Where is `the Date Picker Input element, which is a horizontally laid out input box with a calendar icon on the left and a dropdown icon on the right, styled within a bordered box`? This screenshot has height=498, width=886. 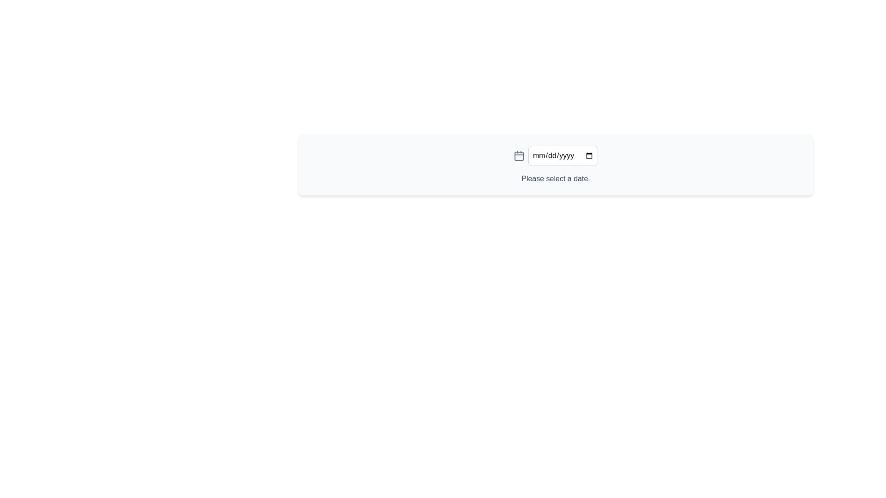
the Date Picker Input element, which is a horizontally laid out input box with a calendar icon on the left and a dropdown icon on the right, styled within a bordered box is located at coordinates (555, 155).